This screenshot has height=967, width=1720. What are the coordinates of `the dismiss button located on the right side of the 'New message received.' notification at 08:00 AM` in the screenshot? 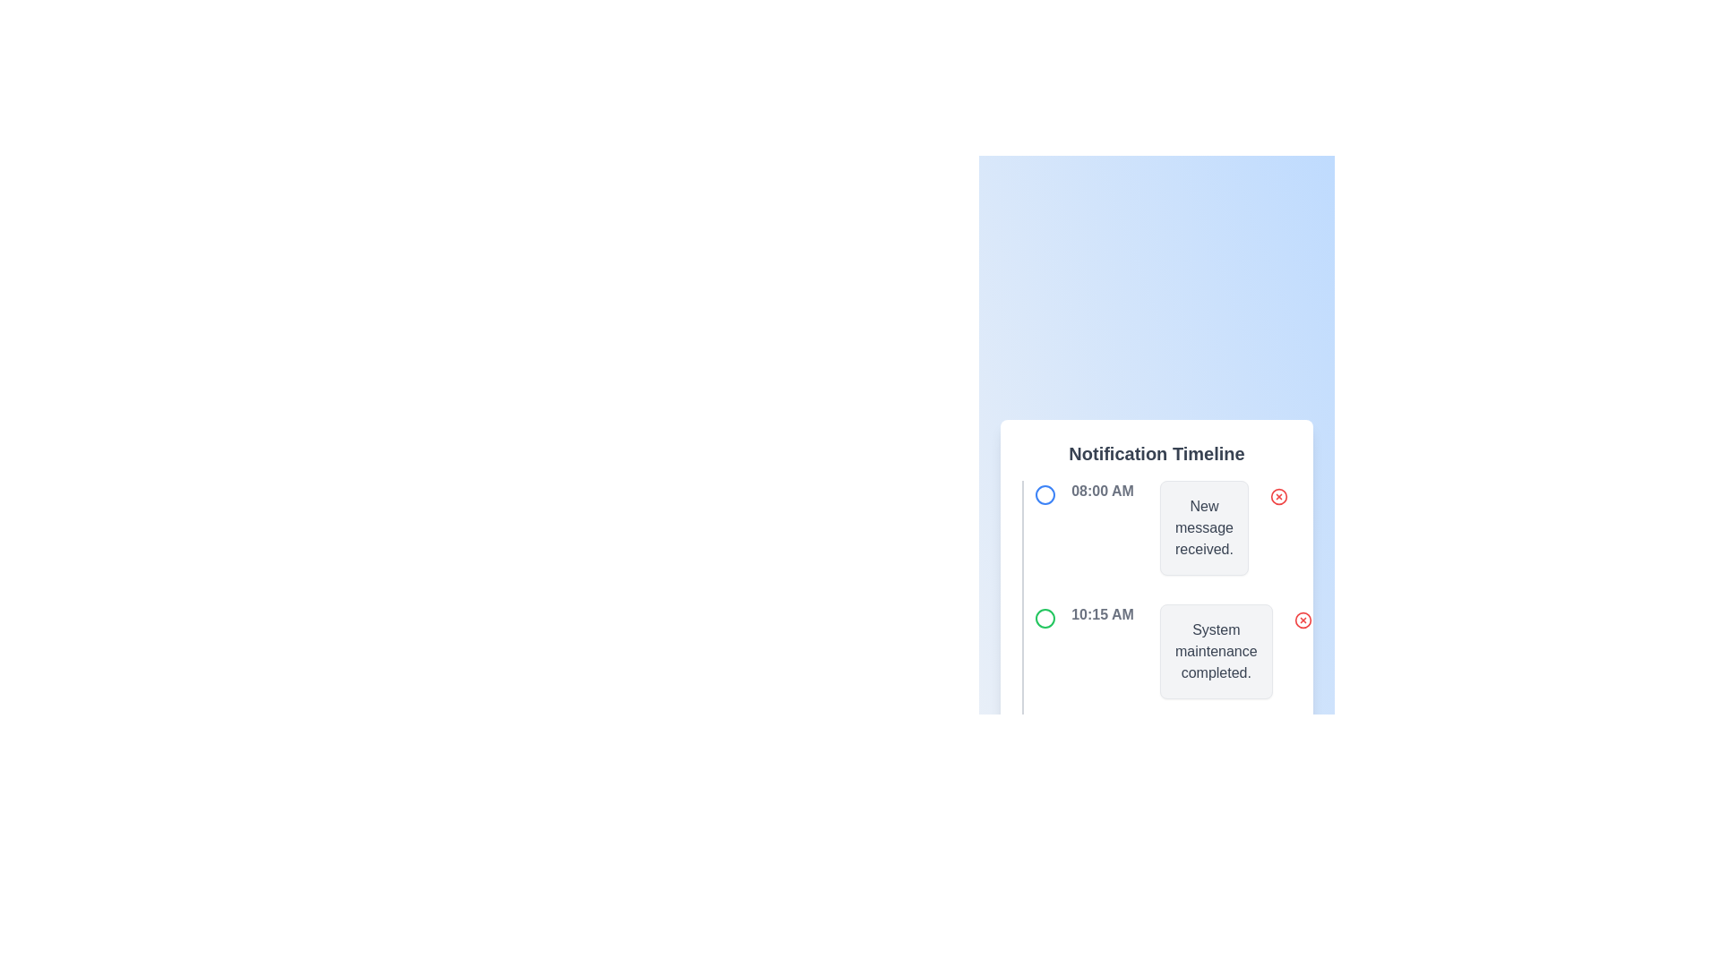 It's located at (1277, 497).